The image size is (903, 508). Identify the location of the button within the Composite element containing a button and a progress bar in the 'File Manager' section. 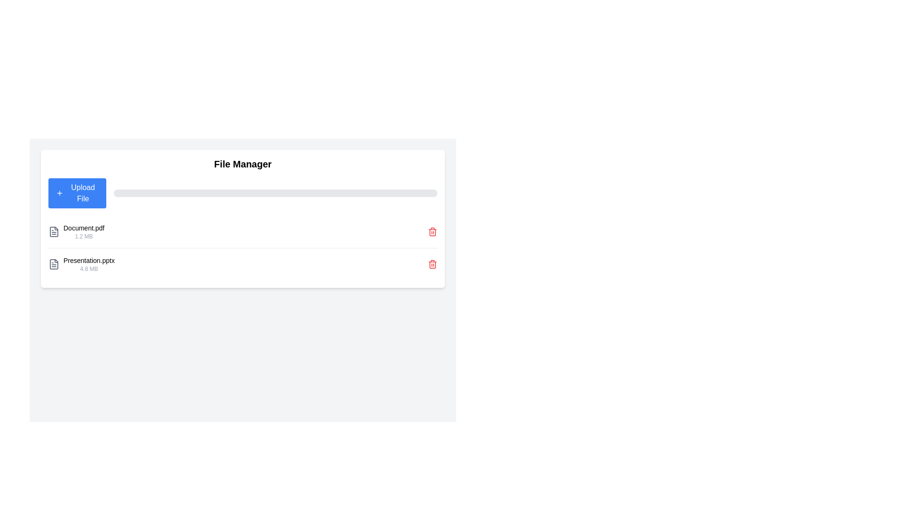
(243, 193).